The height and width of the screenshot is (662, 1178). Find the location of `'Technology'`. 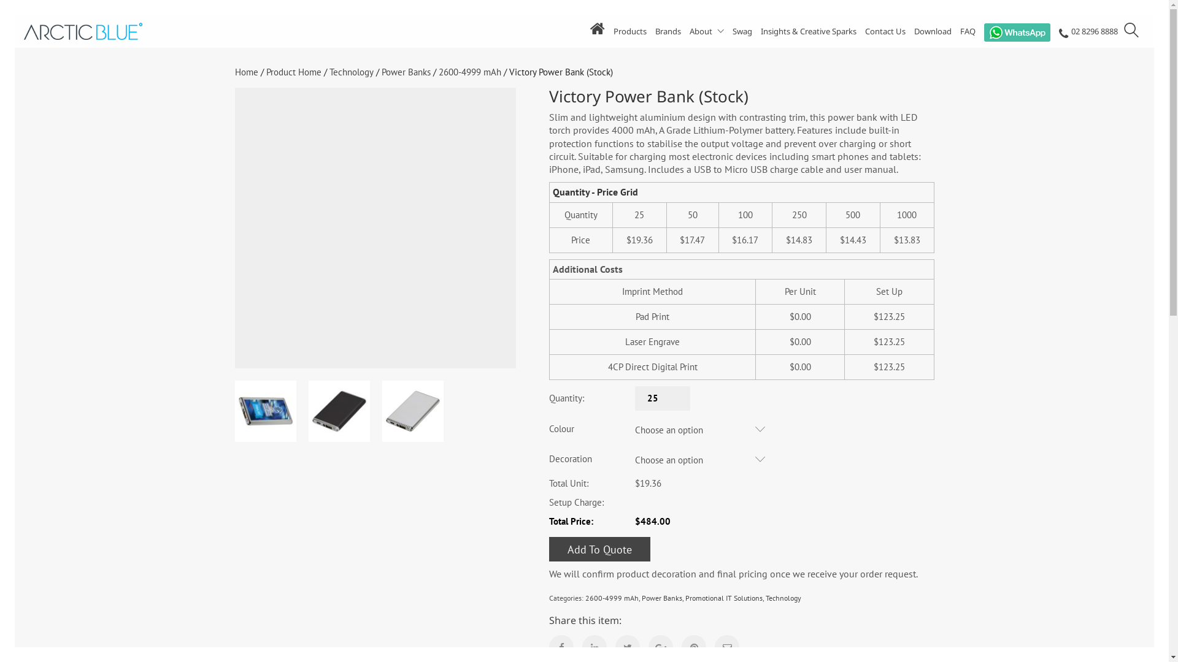

'Technology' is located at coordinates (782, 597).